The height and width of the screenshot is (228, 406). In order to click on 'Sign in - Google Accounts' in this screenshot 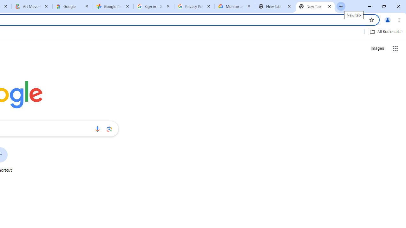, I will do `click(154, 6)`.